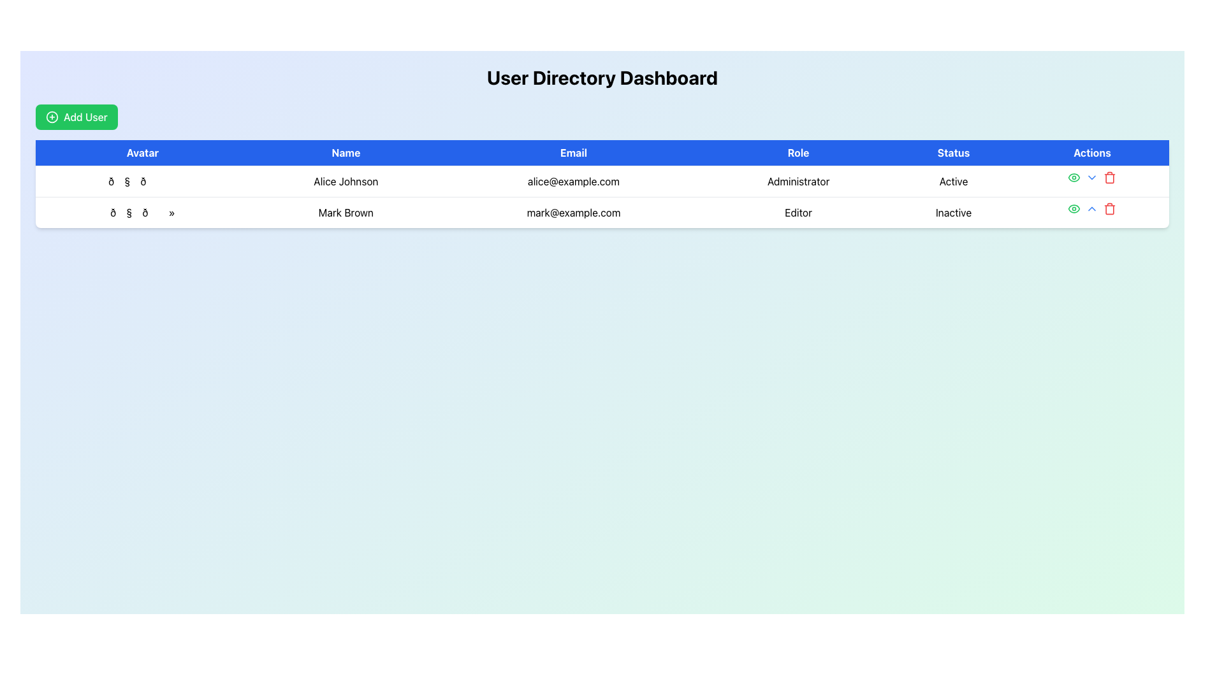 The height and width of the screenshot is (688, 1224). What do you see at coordinates (953, 211) in the screenshot?
I see `the static text indicator that represents the status of the user 'Mark Brown' as 'Inactive', located in the 'Status' column of the user table` at bounding box center [953, 211].